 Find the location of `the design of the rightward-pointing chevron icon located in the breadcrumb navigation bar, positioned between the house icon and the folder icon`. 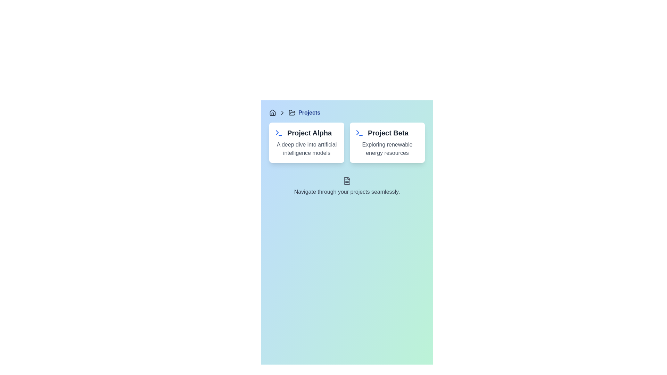

the design of the rightward-pointing chevron icon located in the breadcrumb navigation bar, positioned between the house icon and the folder icon is located at coordinates (282, 112).